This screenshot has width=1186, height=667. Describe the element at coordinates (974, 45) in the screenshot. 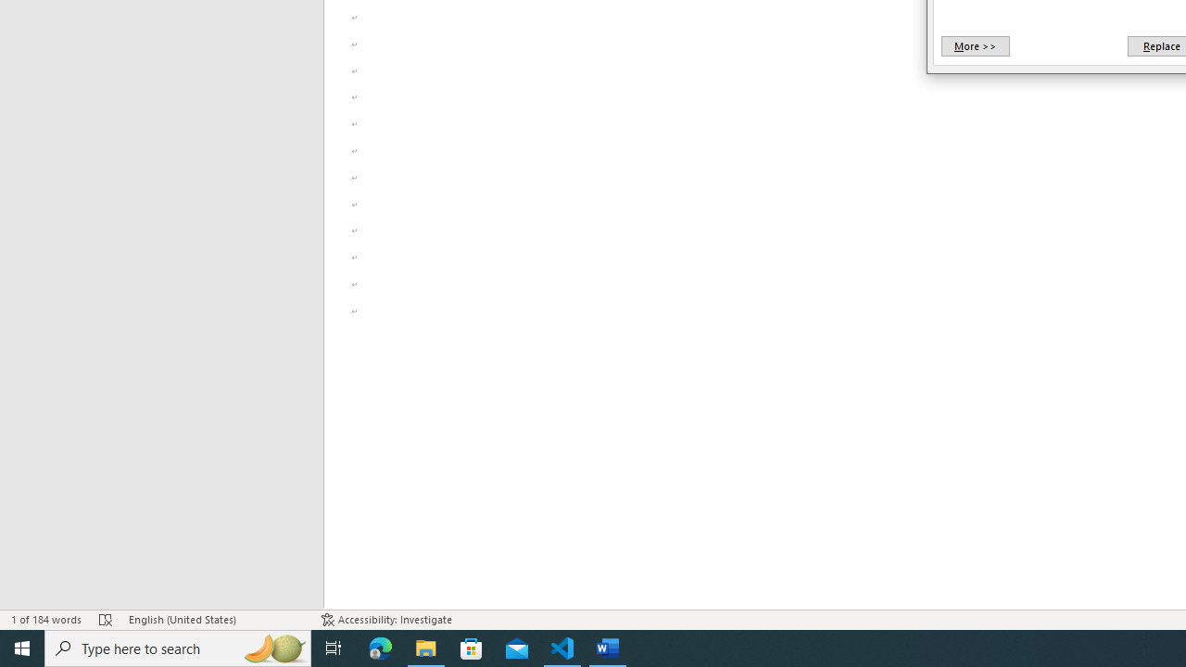

I see `'More >>'` at that location.